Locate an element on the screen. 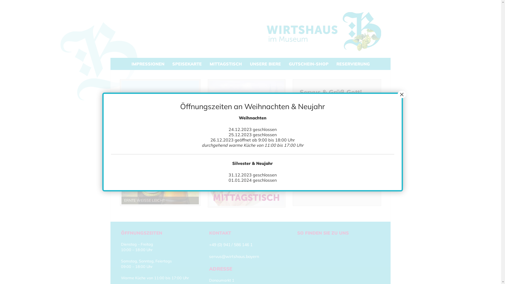  'RESERVIERUNG' is located at coordinates (353, 64).